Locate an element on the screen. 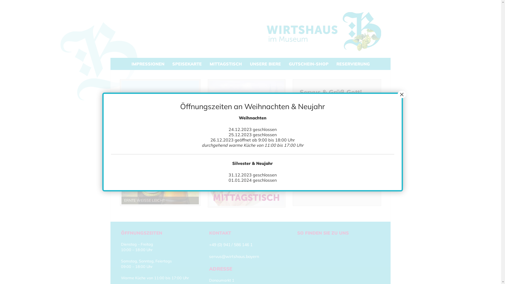  'RESERVIERUNG' is located at coordinates (353, 64).